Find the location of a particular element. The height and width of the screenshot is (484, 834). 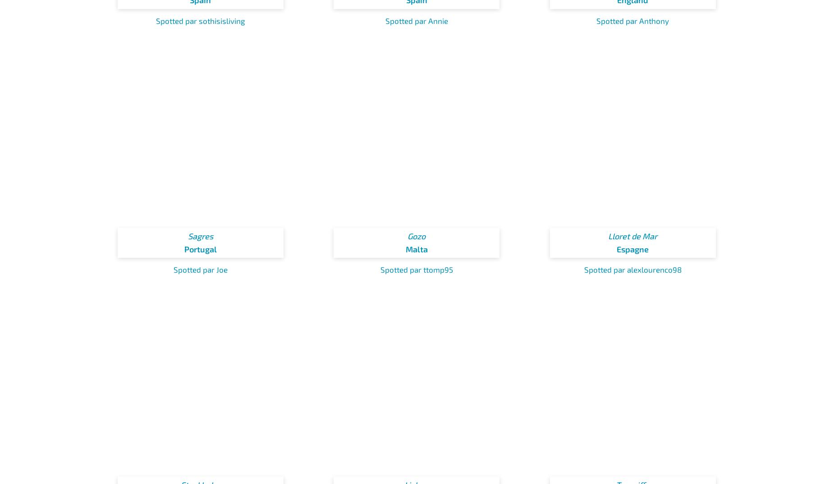

'Sagres' is located at coordinates (200, 236).